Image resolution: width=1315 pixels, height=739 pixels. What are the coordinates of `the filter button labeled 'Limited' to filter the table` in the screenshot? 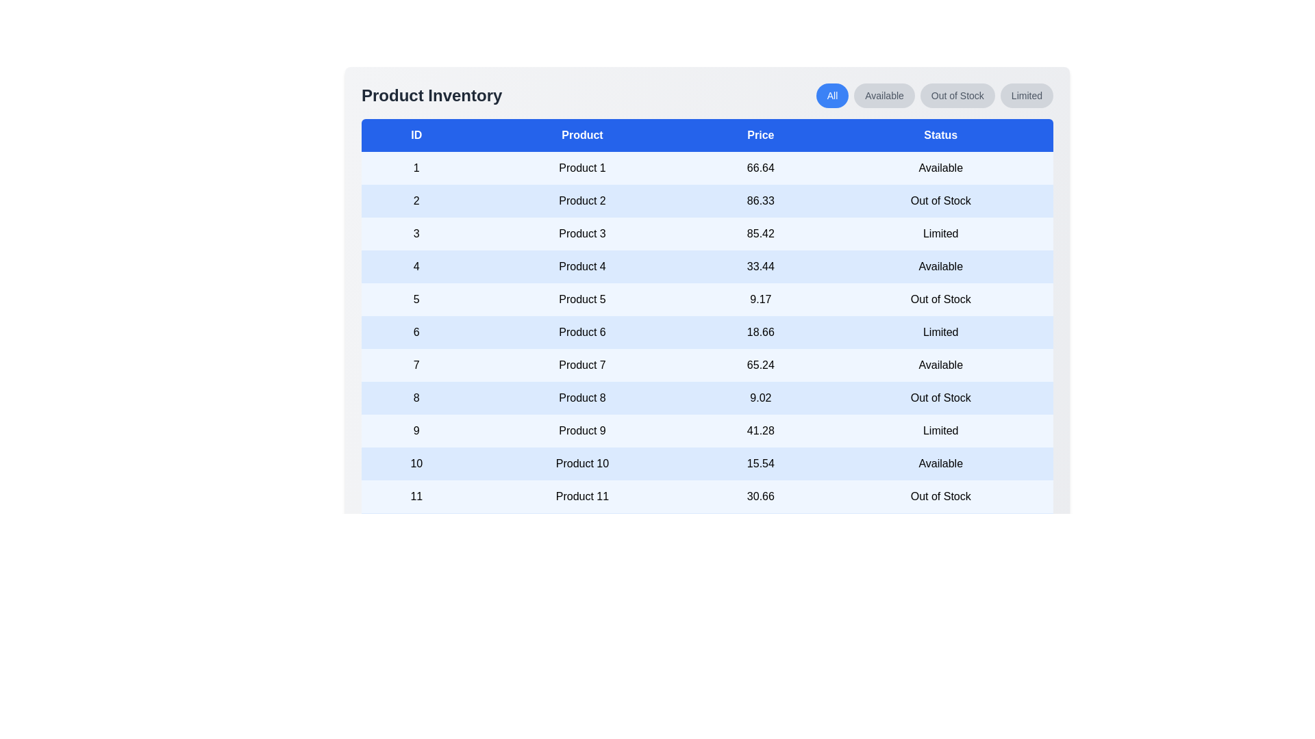 It's located at (1026, 94).